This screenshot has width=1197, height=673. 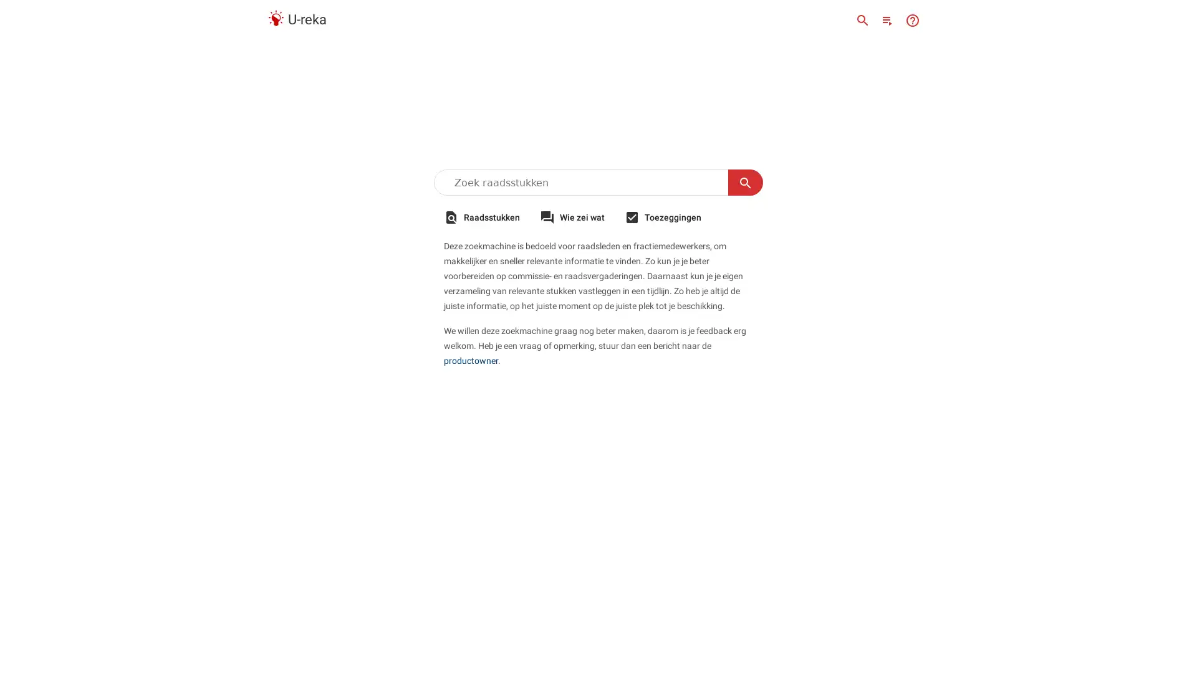 What do you see at coordinates (862, 19) in the screenshot?
I see `Zoeken` at bounding box center [862, 19].